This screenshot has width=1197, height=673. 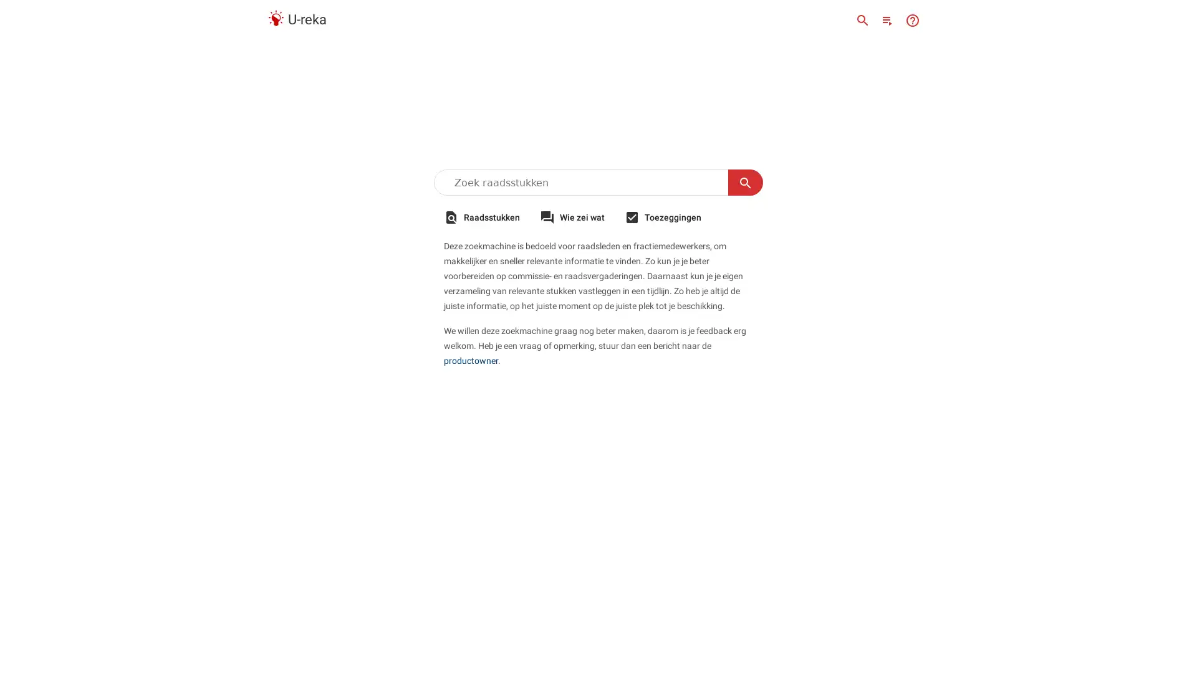 What do you see at coordinates (862, 19) in the screenshot?
I see `Zoeken` at bounding box center [862, 19].